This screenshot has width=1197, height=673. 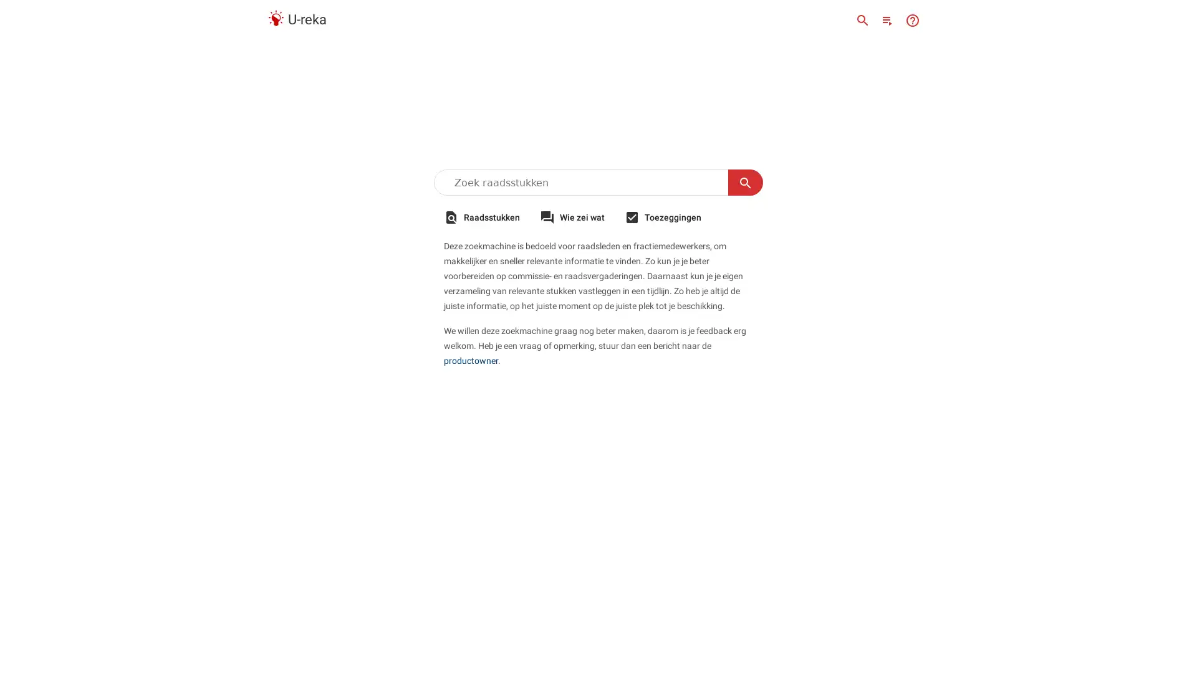 What do you see at coordinates (862, 19) in the screenshot?
I see `Zoeken` at bounding box center [862, 19].